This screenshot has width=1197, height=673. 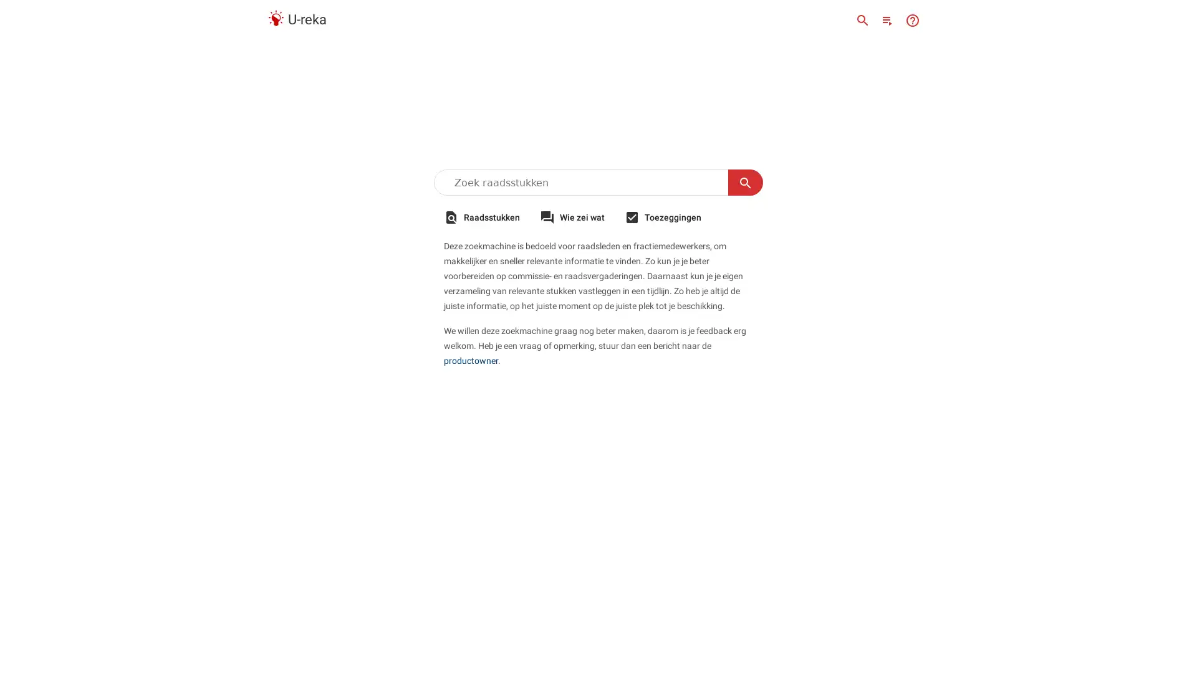 What do you see at coordinates (862, 19) in the screenshot?
I see `Zoeken` at bounding box center [862, 19].